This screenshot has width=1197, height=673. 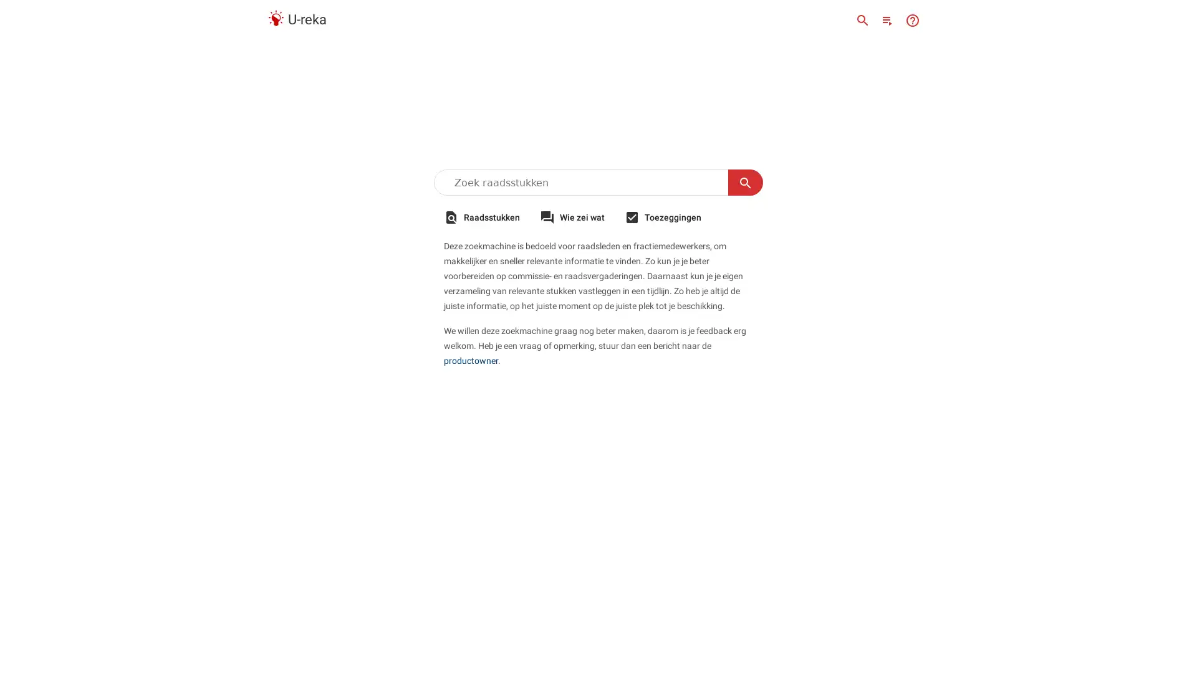 What do you see at coordinates (862, 19) in the screenshot?
I see `Zoeken` at bounding box center [862, 19].